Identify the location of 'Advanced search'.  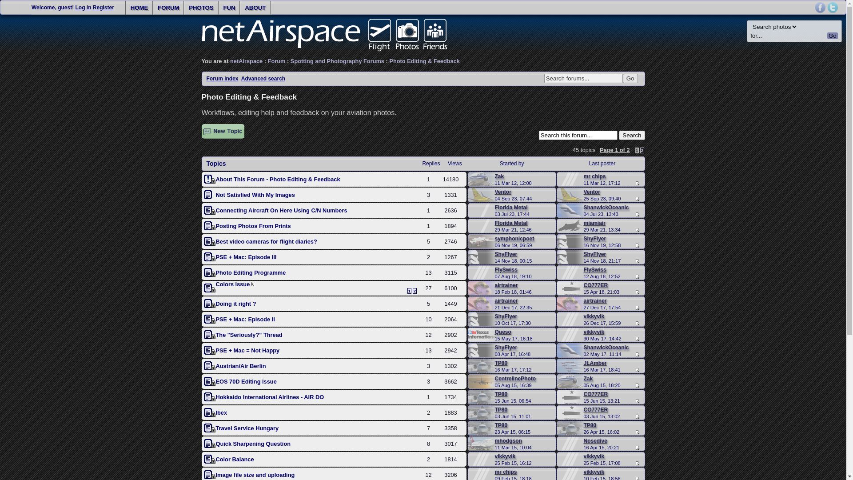
(263, 78).